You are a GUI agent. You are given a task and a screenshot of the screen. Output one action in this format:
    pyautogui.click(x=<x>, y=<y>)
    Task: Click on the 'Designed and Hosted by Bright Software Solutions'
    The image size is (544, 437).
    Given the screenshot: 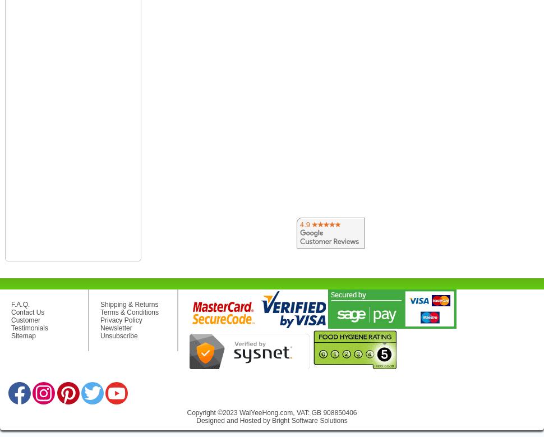 What is the action you would take?
    pyautogui.click(x=271, y=420)
    